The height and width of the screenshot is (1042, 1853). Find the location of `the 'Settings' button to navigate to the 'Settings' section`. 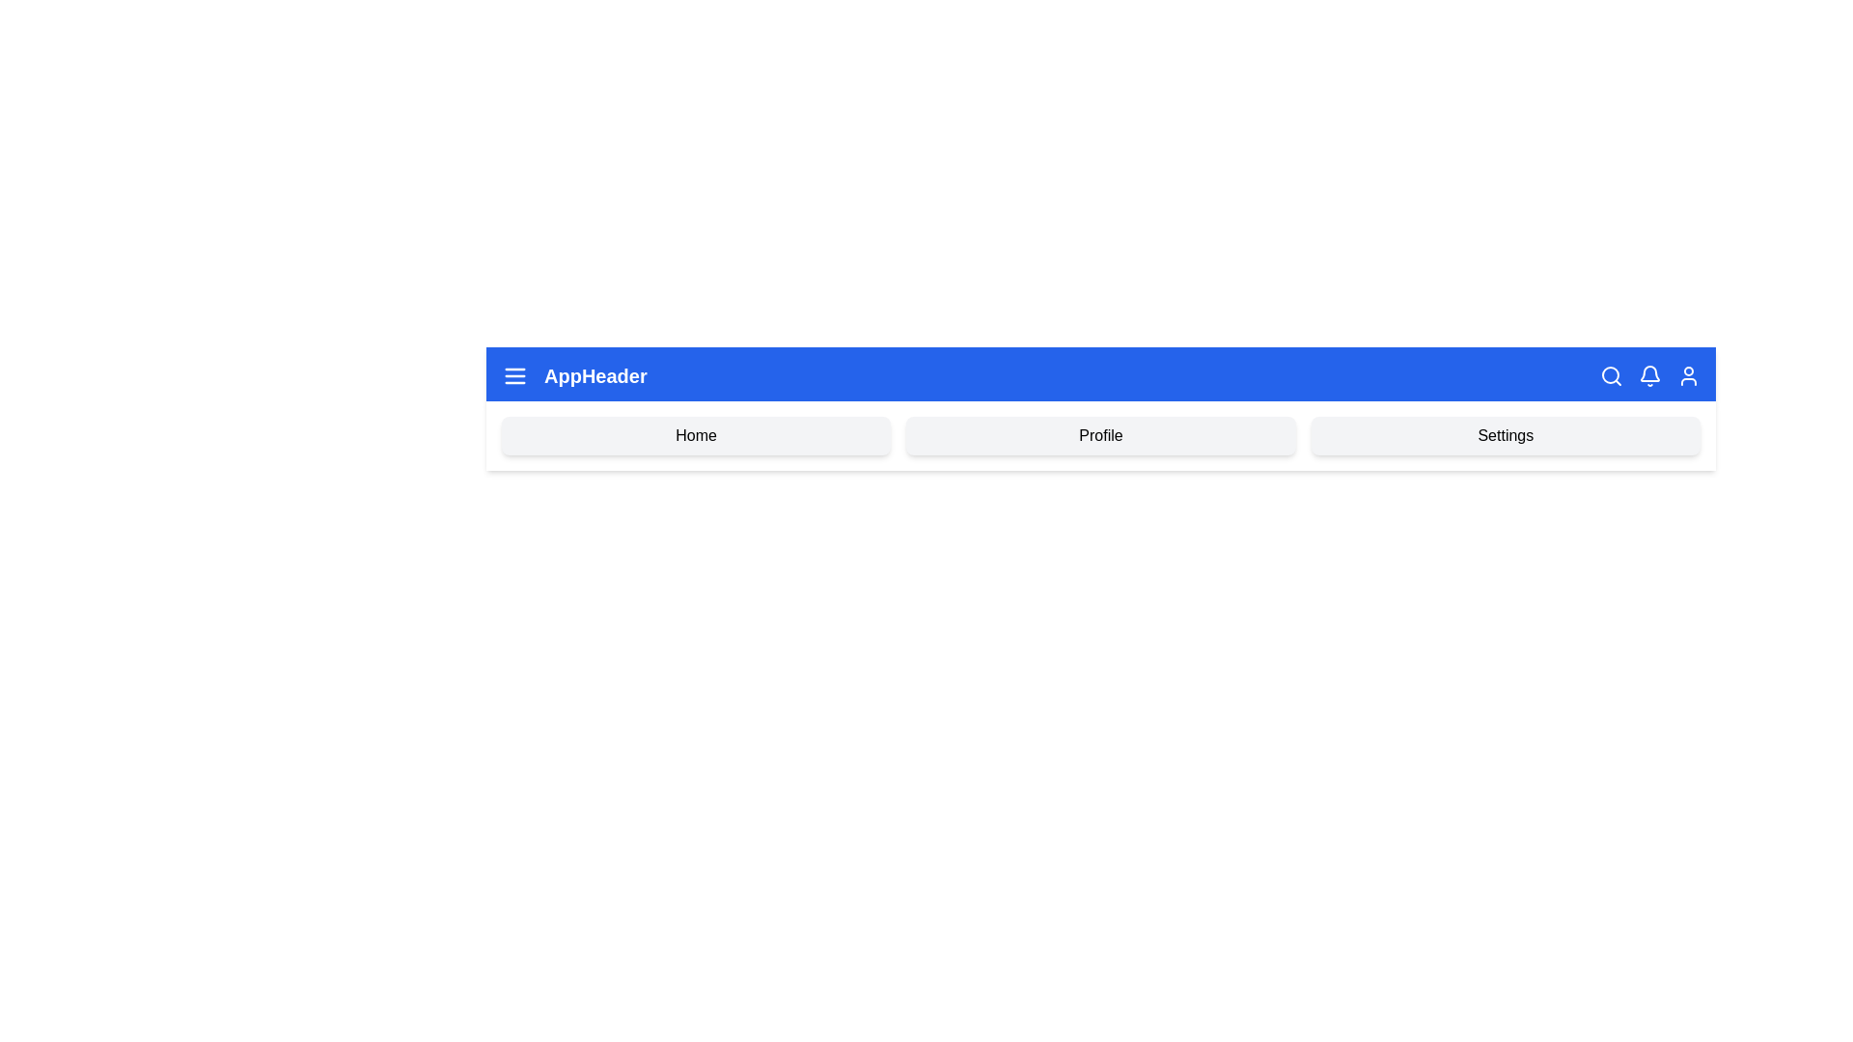

the 'Settings' button to navigate to the 'Settings' section is located at coordinates (1505, 435).